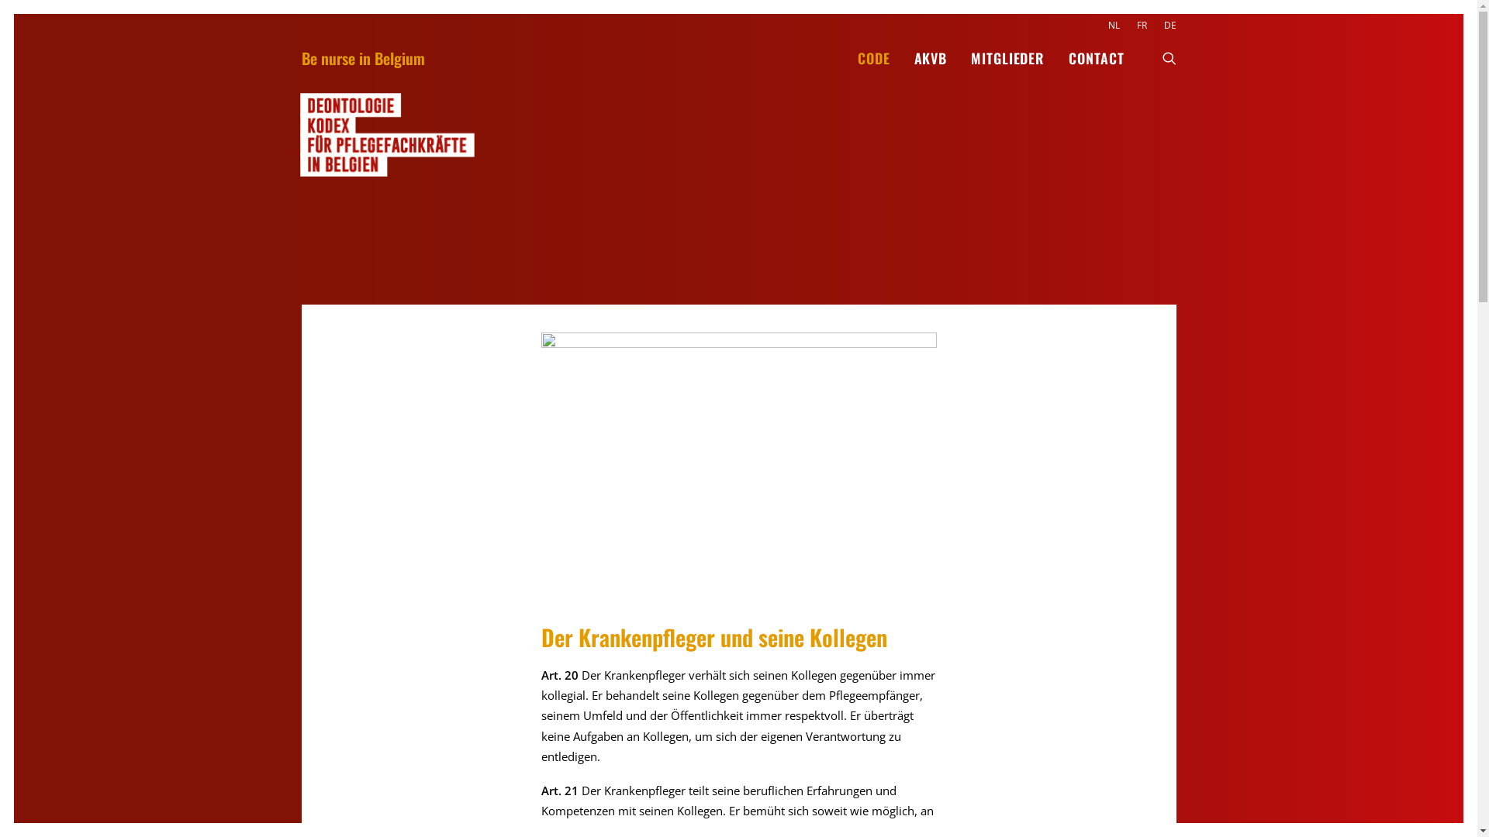 The width and height of the screenshot is (1489, 837). I want to click on 'NL', so click(1117, 25).